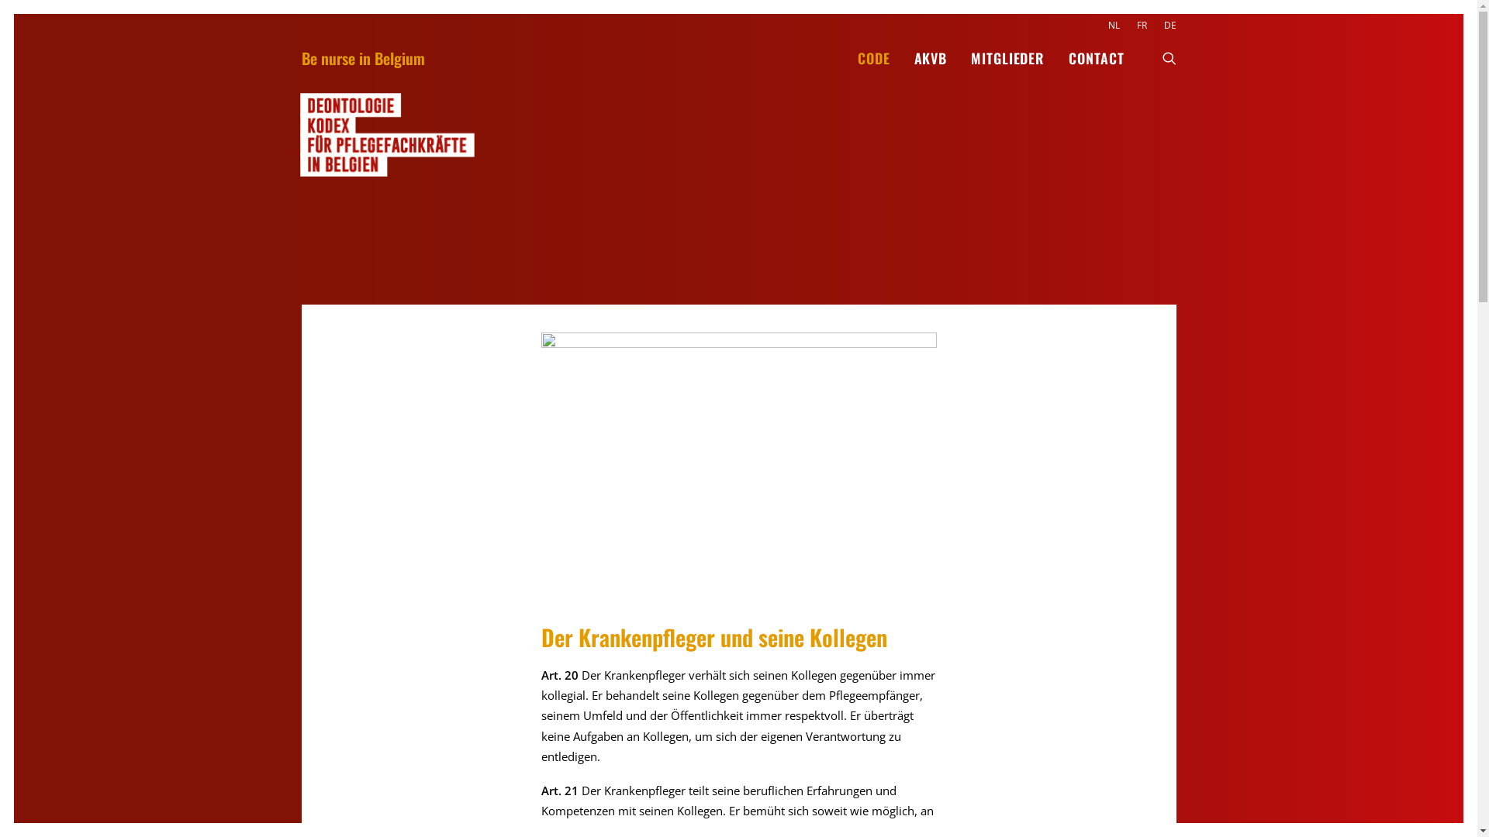 The width and height of the screenshot is (1489, 837). I want to click on 'NL', so click(1117, 25).